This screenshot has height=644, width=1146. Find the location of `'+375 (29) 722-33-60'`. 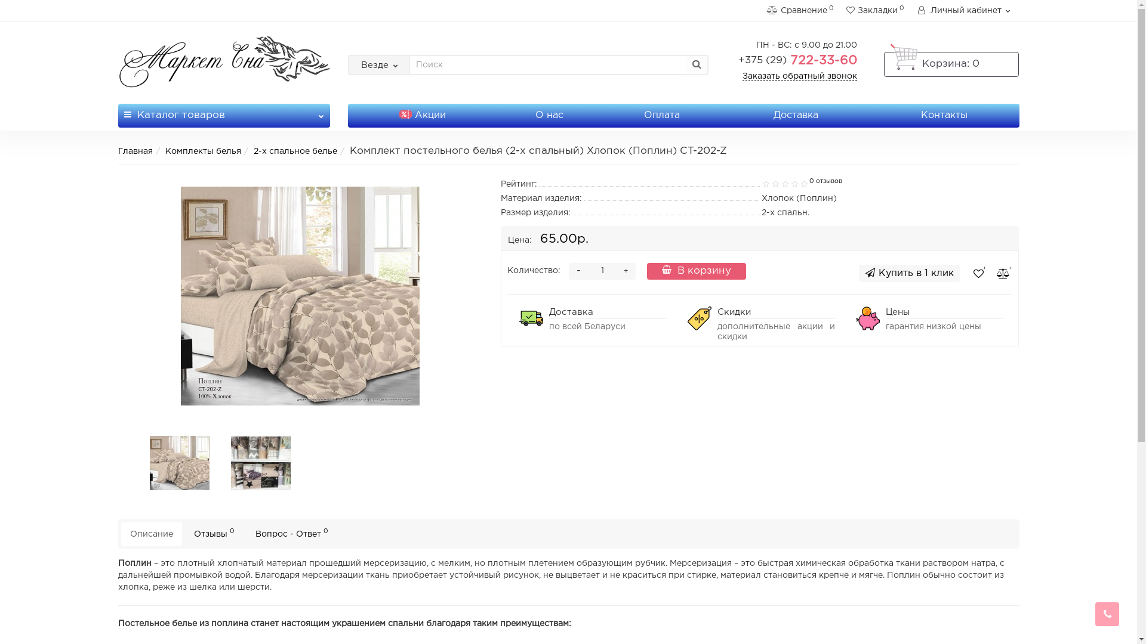

'+375 (29) 722-33-60' is located at coordinates (797, 60).